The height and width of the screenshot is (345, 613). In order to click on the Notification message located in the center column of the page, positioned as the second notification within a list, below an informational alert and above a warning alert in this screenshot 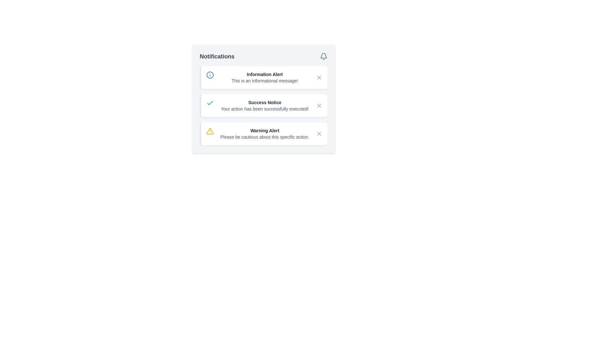, I will do `click(265, 105)`.